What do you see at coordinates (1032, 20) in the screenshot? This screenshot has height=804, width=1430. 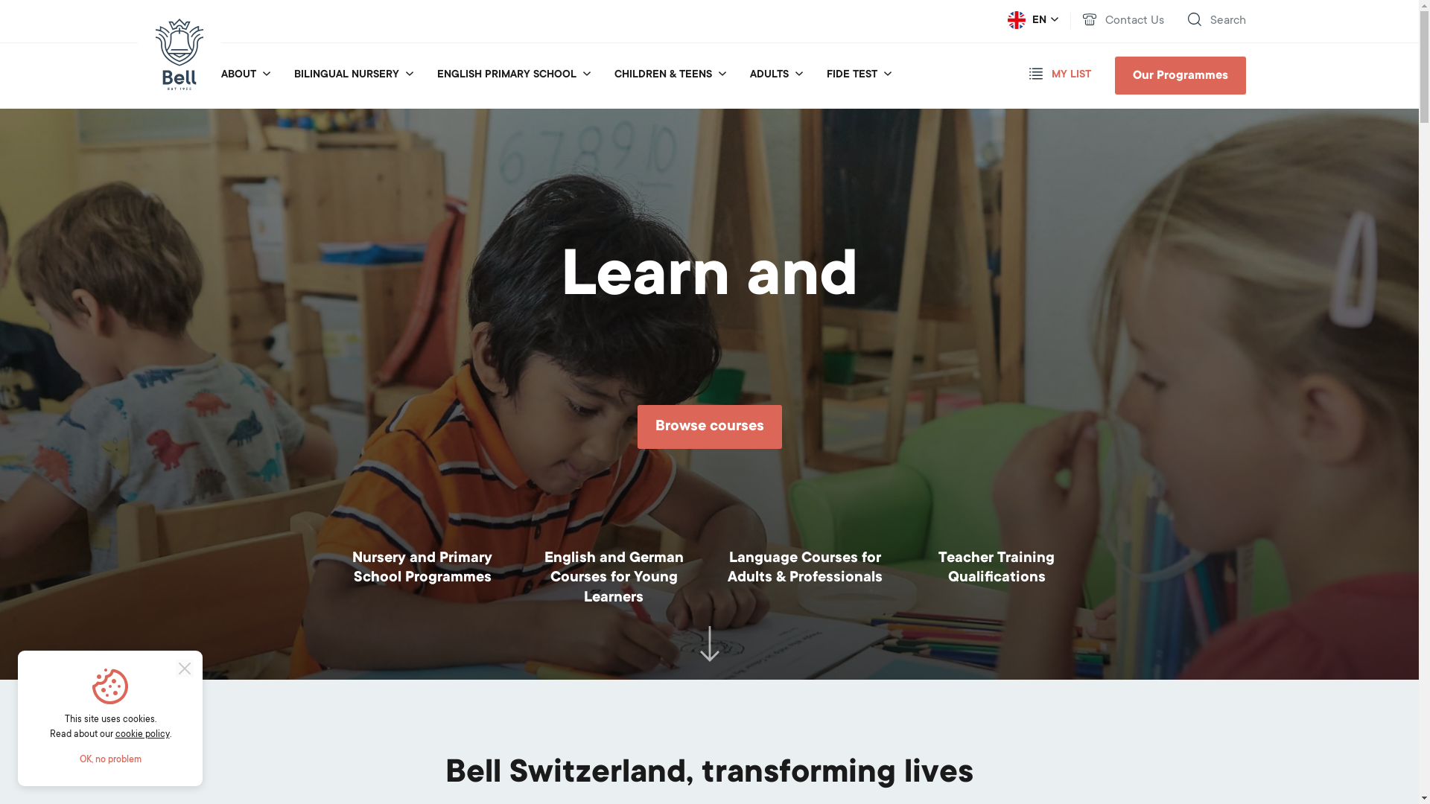 I see `'EN'` at bounding box center [1032, 20].